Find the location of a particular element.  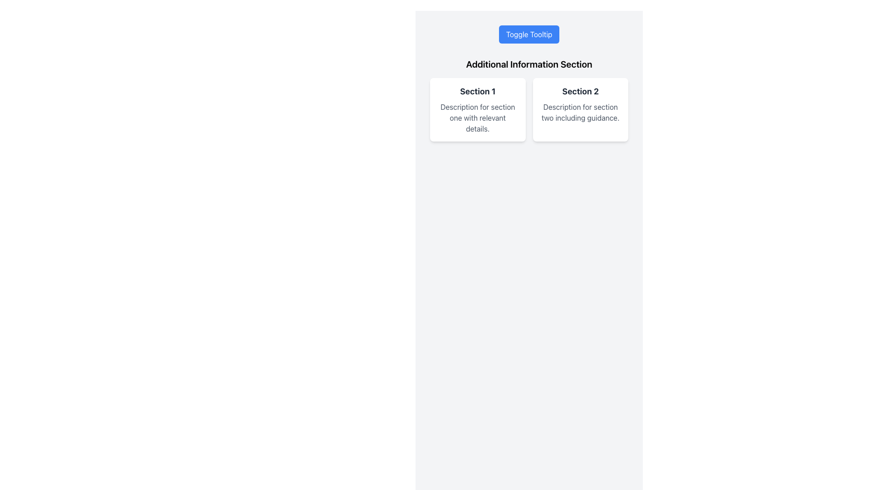

the 'Toggle Tooltip' button with a blue background and white text is located at coordinates (529, 34).